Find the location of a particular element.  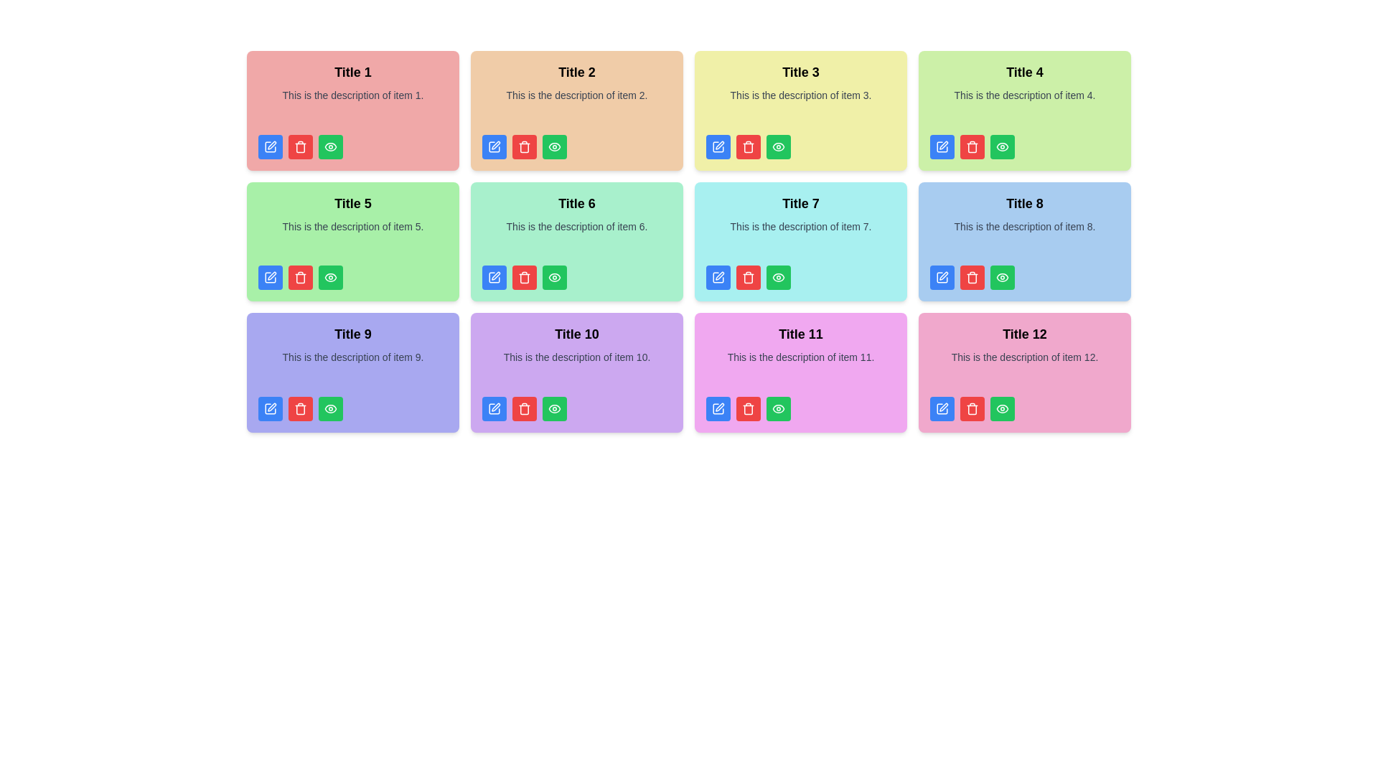

the editing button located in the group of three action buttons below the 'Title 7' section is located at coordinates (718, 277).